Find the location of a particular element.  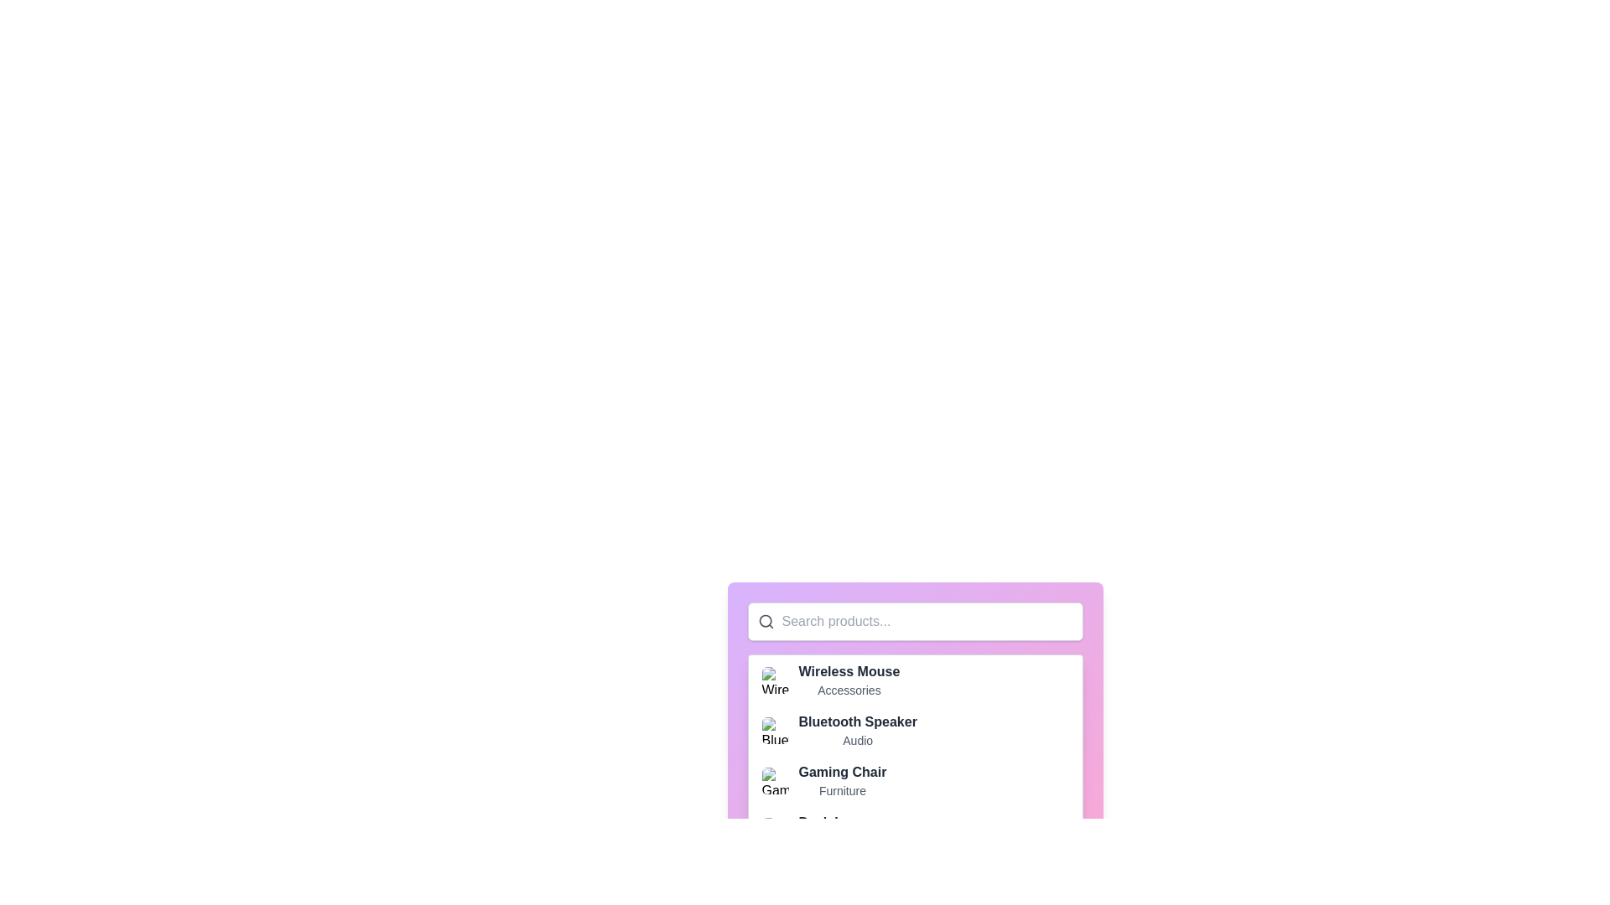

the search icon, which is a dark gray outlined magnifying glass located in the top-left corner of the input field with placeholder text 'Search products...' is located at coordinates (765, 621).